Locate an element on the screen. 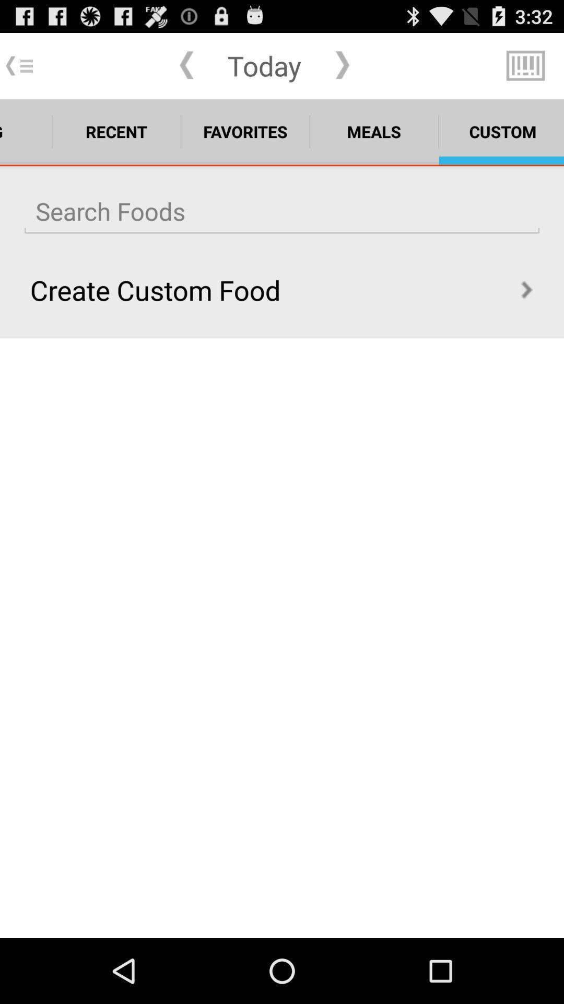  search foods is located at coordinates (282, 211).